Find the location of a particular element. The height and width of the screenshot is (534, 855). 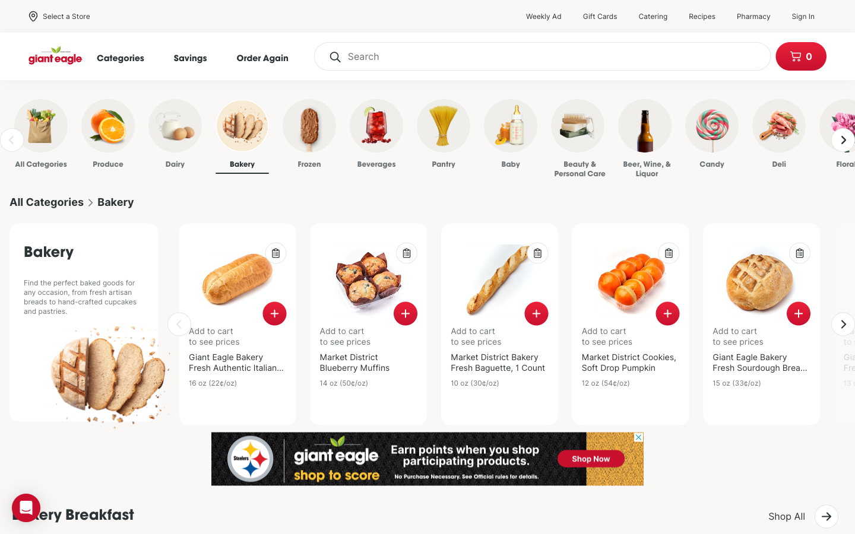

the page showcasing fresh produce is located at coordinates (92, 136).